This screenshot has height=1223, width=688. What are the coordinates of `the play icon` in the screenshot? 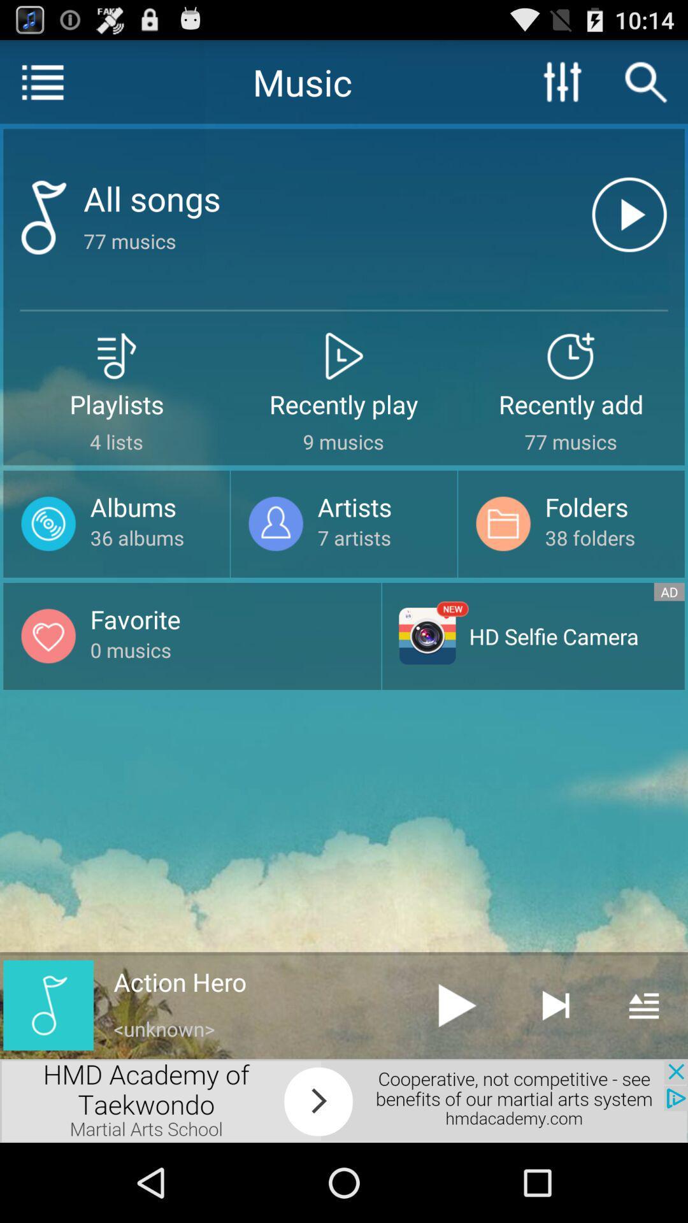 It's located at (456, 1075).